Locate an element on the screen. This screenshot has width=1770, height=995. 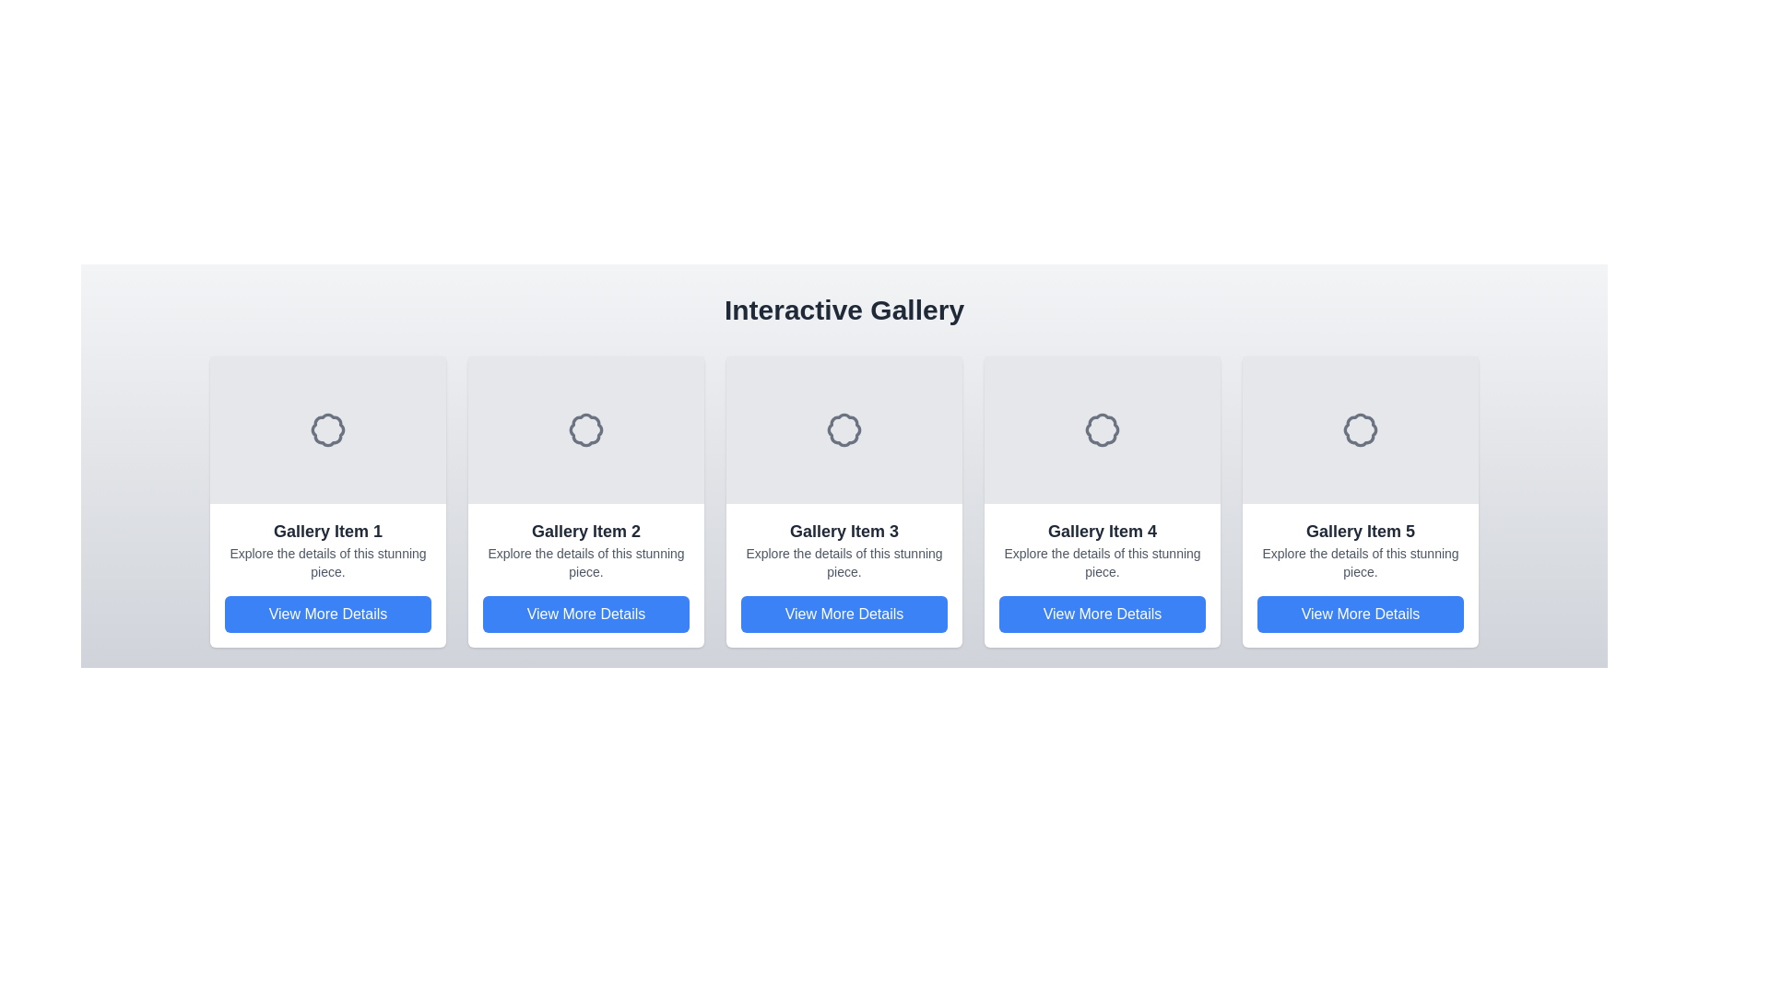
the gray circular badge icon with wavy edges located in the center of the rectangular card labeled 'Gallery Item 4' is located at coordinates (1102, 429).